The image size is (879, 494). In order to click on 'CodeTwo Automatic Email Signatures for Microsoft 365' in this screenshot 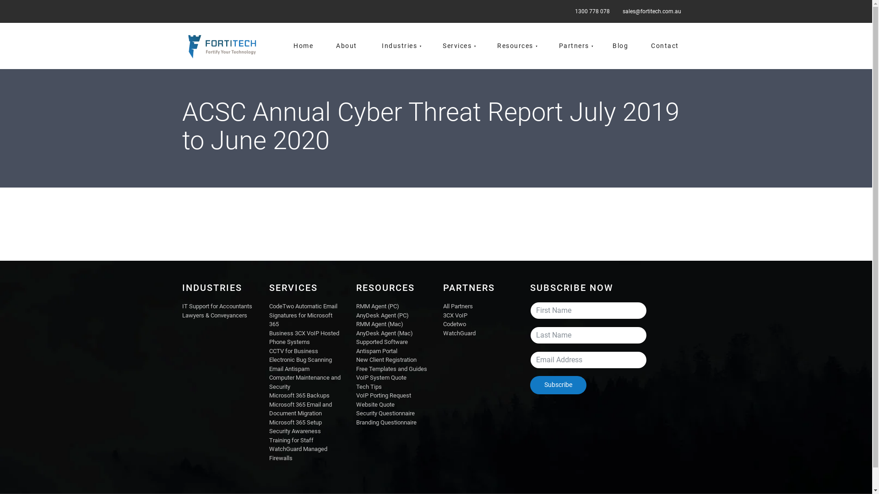, I will do `click(269, 315)`.